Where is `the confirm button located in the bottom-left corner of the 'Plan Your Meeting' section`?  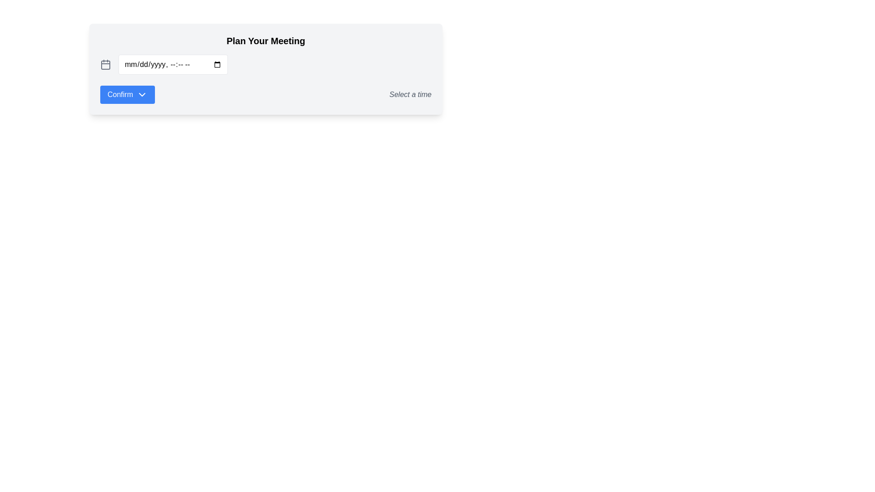 the confirm button located in the bottom-left corner of the 'Plan Your Meeting' section is located at coordinates (127, 95).